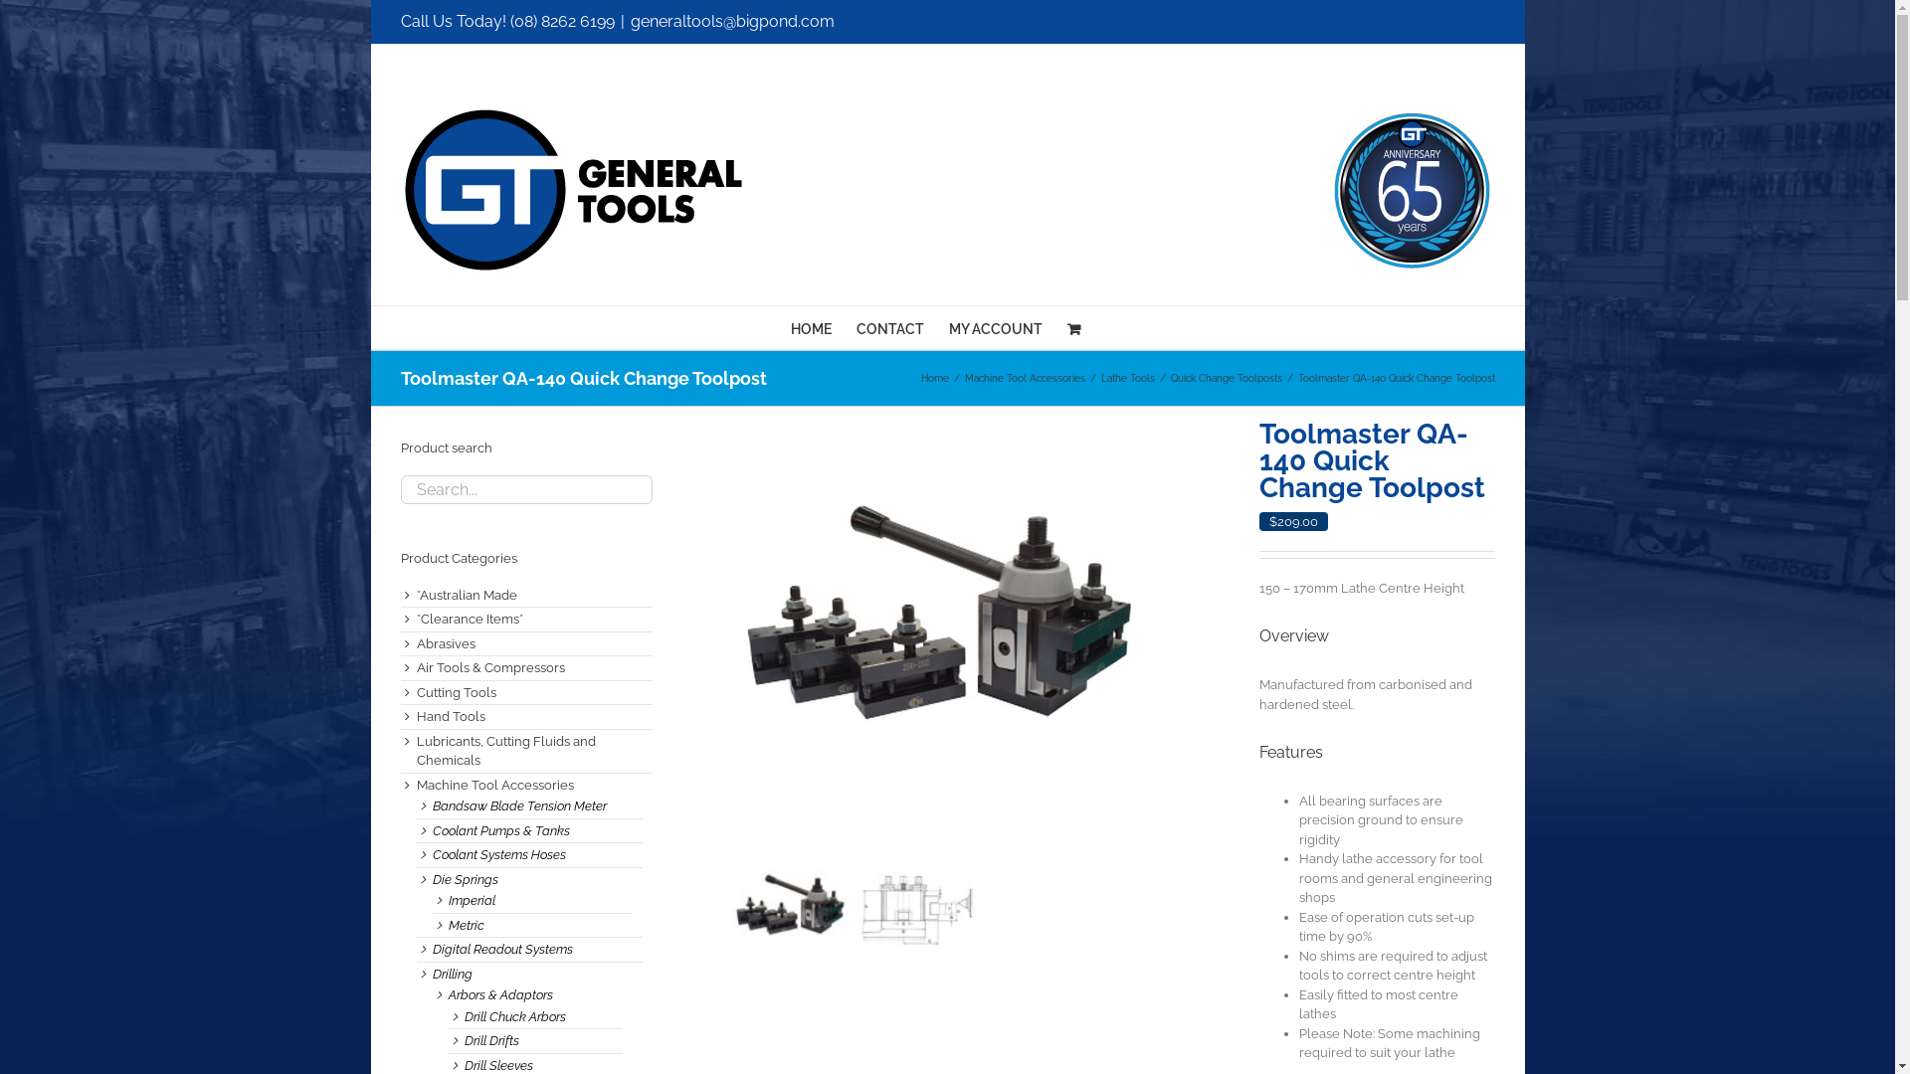 This screenshot has width=1910, height=1074. I want to click on '*Australian Made', so click(465, 594).